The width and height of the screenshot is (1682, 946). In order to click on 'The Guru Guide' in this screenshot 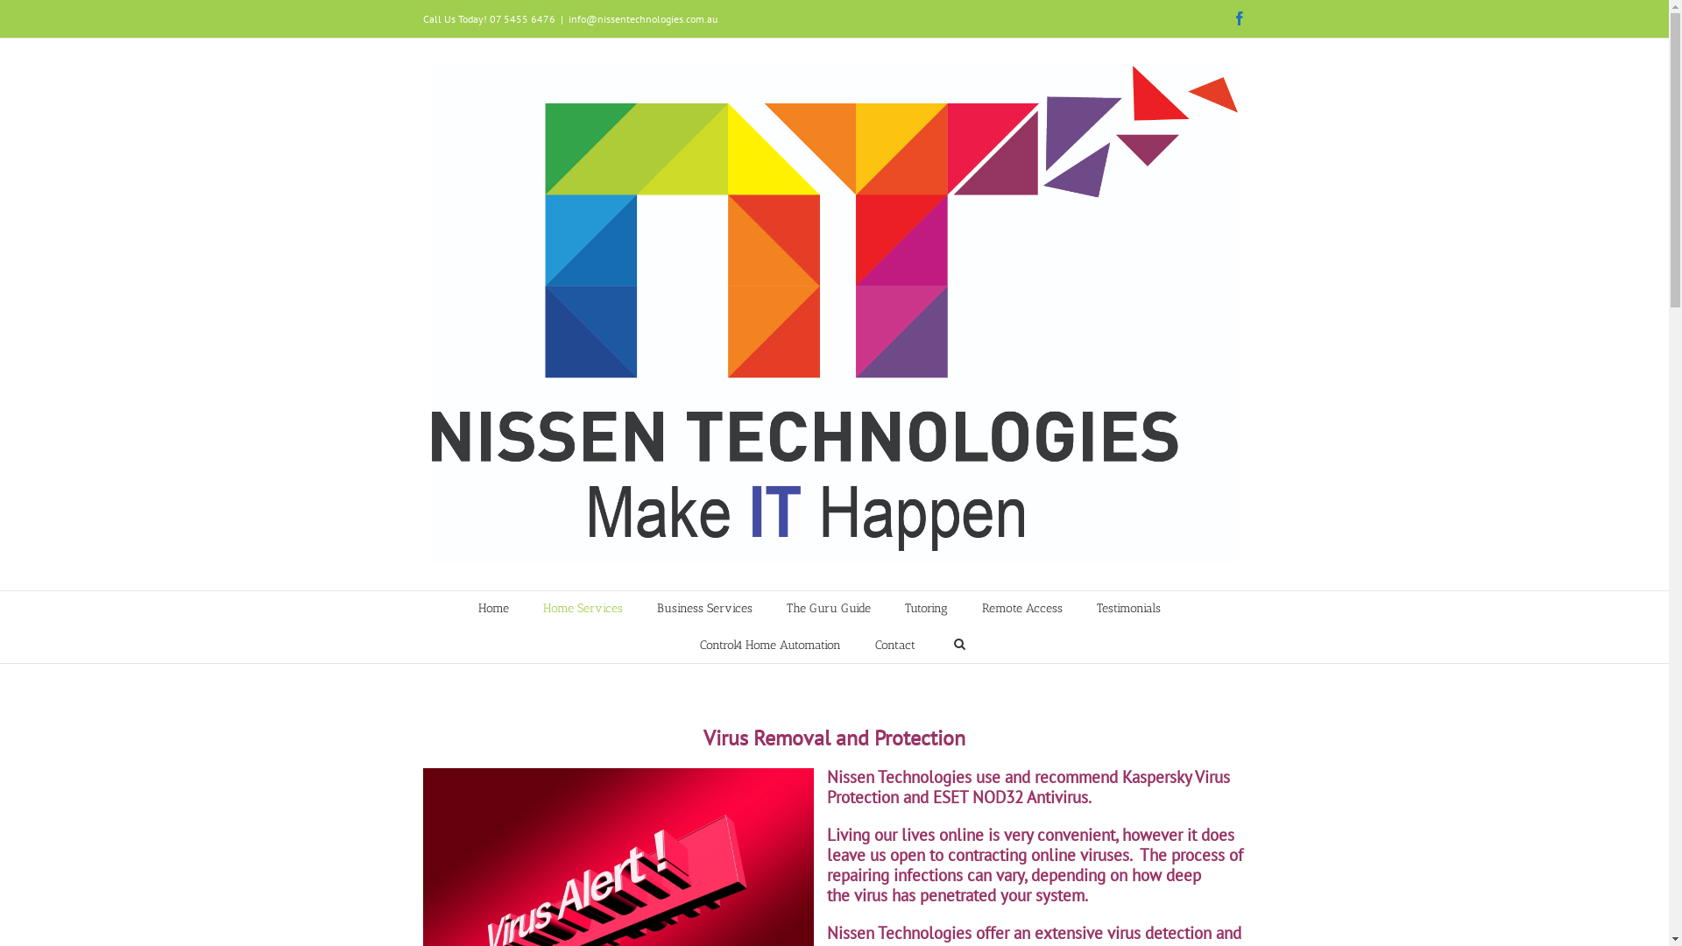, I will do `click(785, 607)`.